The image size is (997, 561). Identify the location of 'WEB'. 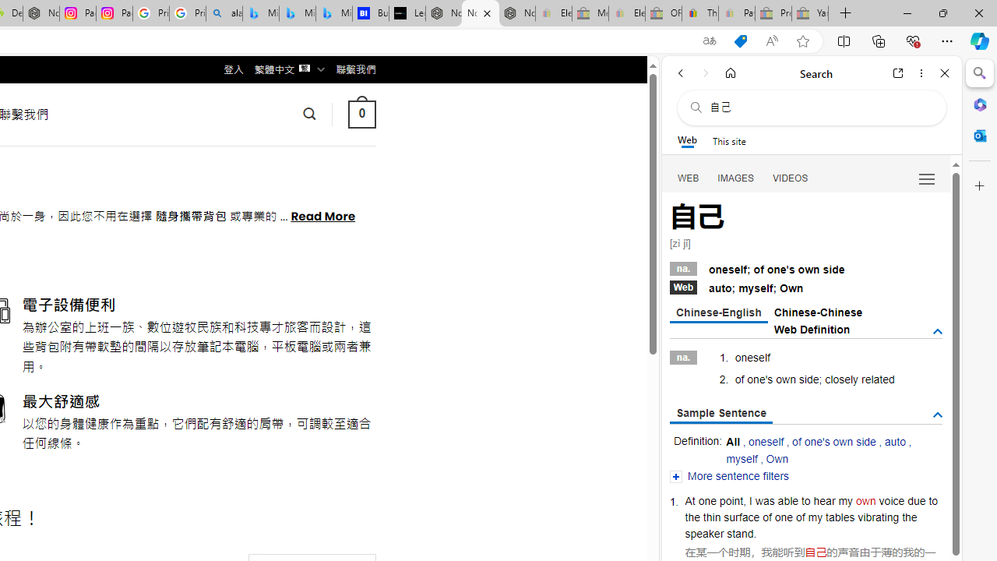
(688, 177).